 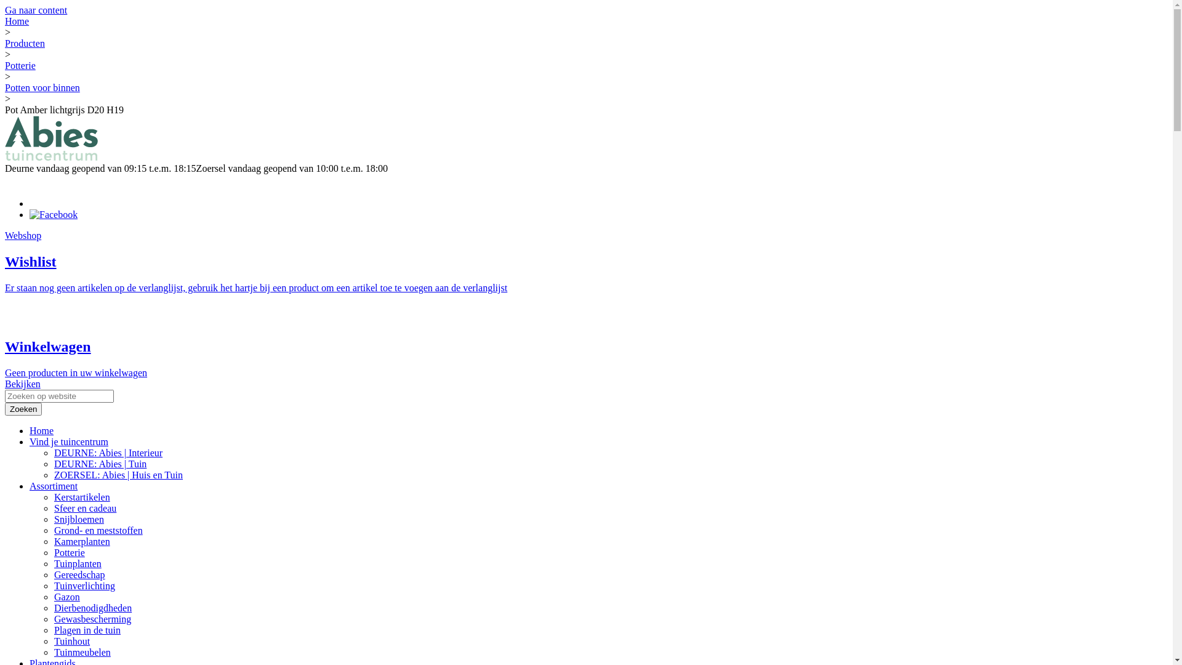 What do you see at coordinates (66, 596) in the screenshot?
I see `'Gazon'` at bounding box center [66, 596].